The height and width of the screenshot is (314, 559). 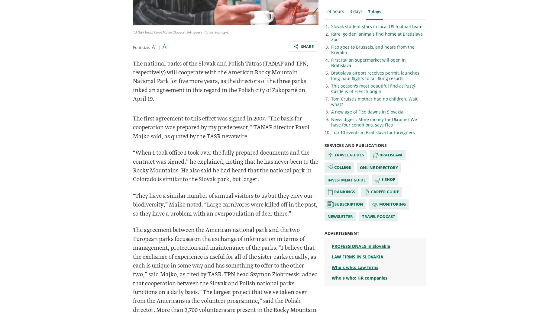 I want to click on 'Services and publications', so click(x=355, y=145).